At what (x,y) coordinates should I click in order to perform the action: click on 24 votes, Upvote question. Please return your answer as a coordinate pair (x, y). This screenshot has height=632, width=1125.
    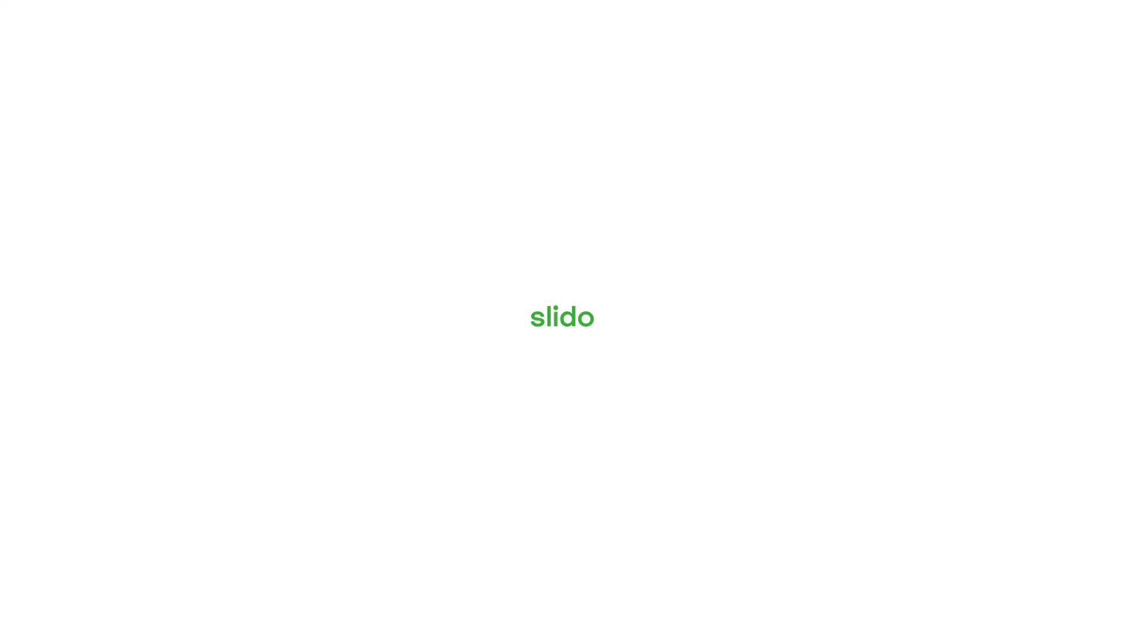
    Looking at the image, I should click on (1038, 414).